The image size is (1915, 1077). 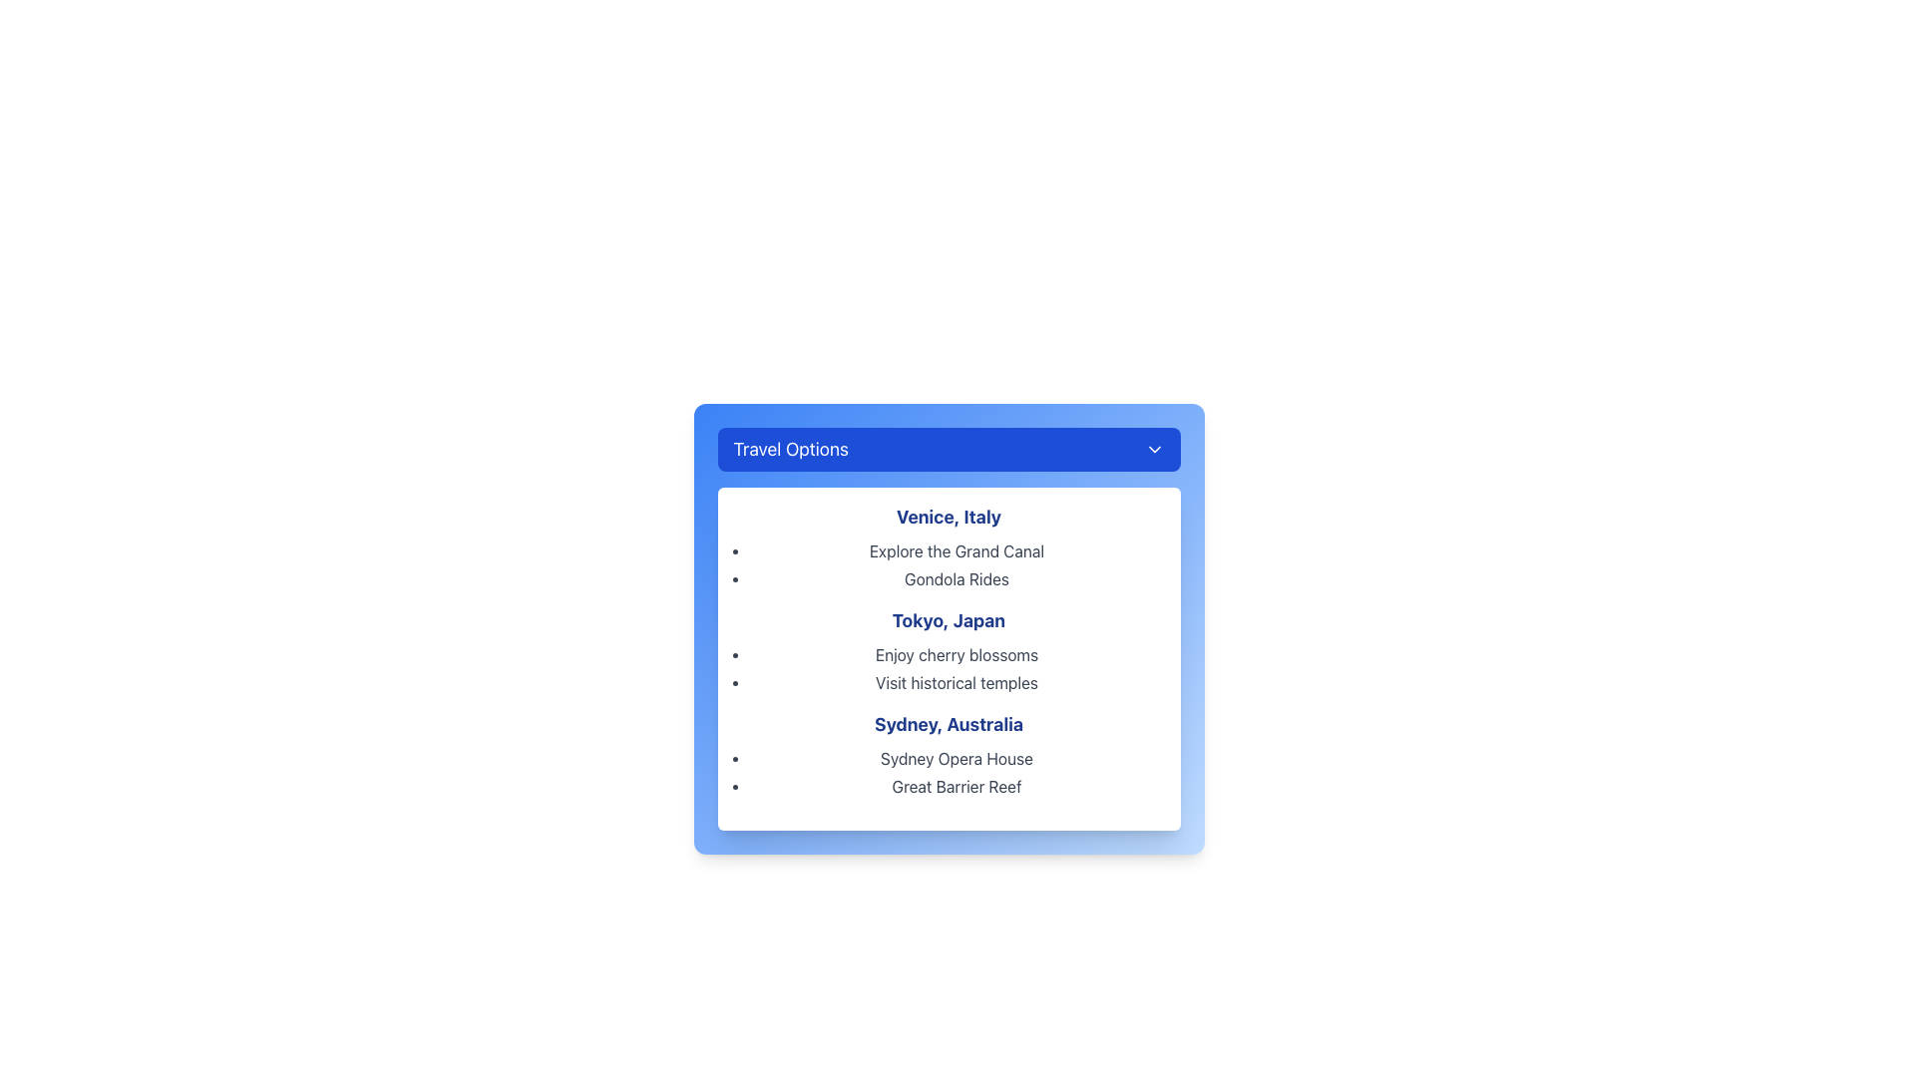 I want to click on the Text Label indicating 'Sydney, Australia', which serves as a heading for the section and is located within the 'Travel Options' dropdown menu, so click(x=948, y=724).